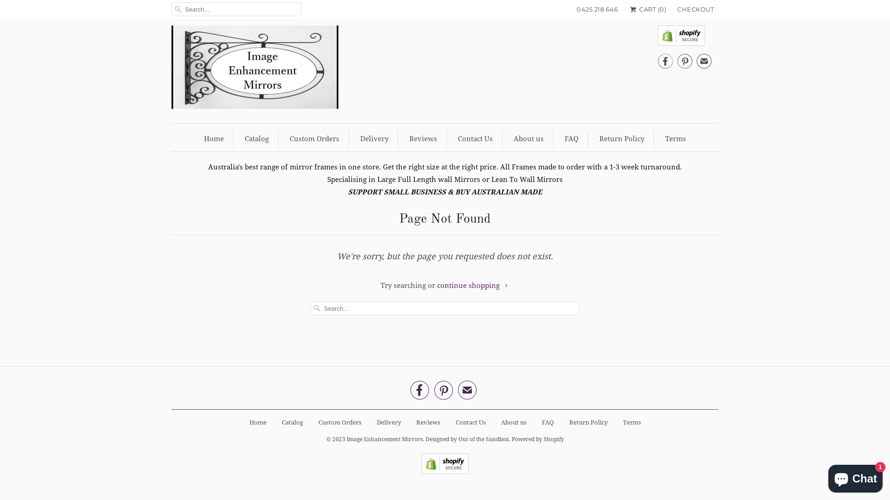 The image size is (890, 500). What do you see at coordinates (473, 285) in the screenshot?
I see `'continue shopping'` at bounding box center [473, 285].